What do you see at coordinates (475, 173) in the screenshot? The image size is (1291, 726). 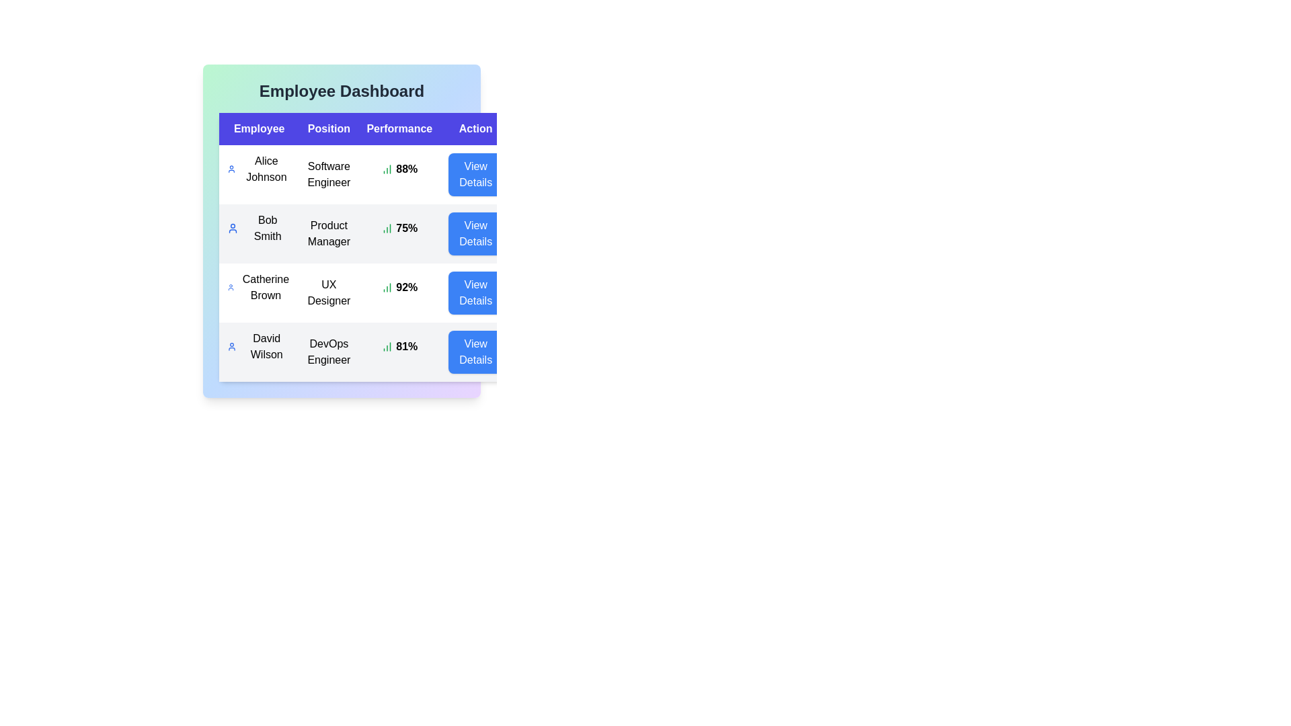 I see `'View Details' button for the employee specified by Alice Johnson` at bounding box center [475, 173].